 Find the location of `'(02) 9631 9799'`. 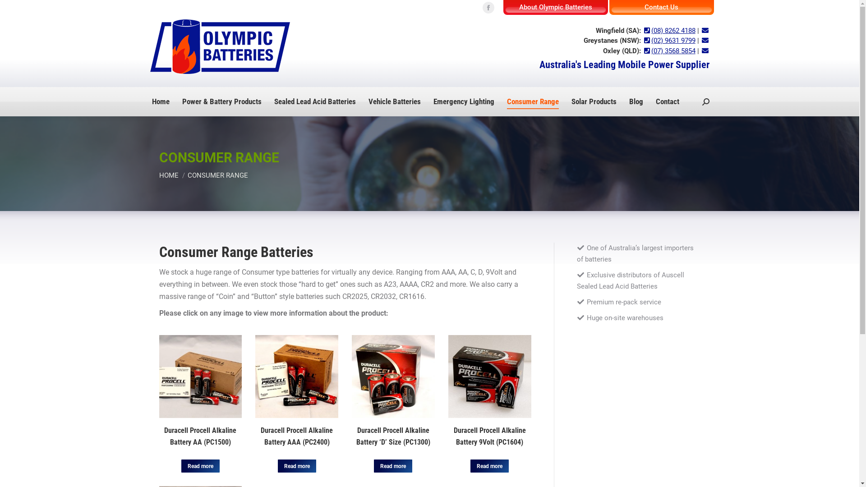

'(02) 9631 9799' is located at coordinates (642, 40).